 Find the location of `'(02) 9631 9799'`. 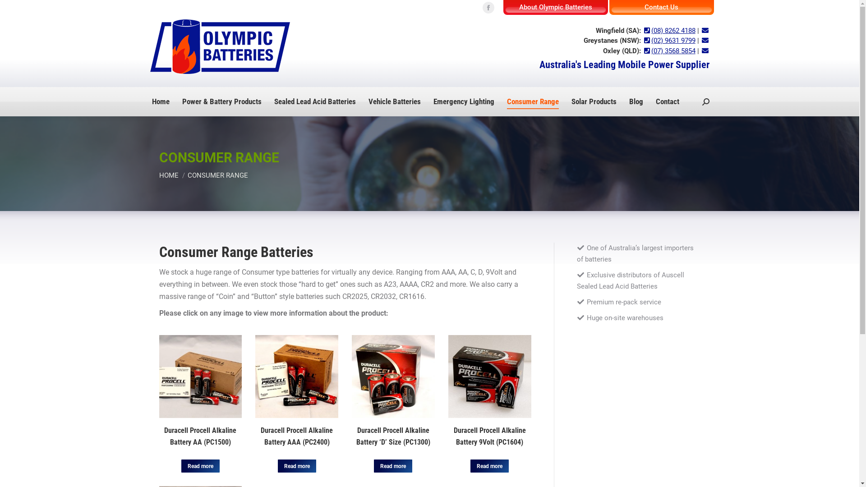

'(02) 9631 9799' is located at coordinates (642, 40).